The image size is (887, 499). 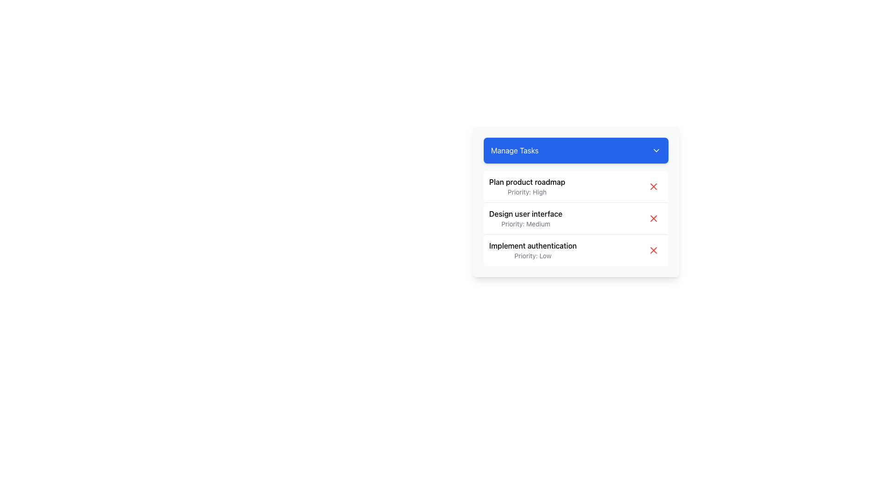 What do you see at coordinates (576, 150) in the screenshot?
I see `the 'Manage Tasks' dropdown button for keyboard navigation` at bounding box center [576, 150].